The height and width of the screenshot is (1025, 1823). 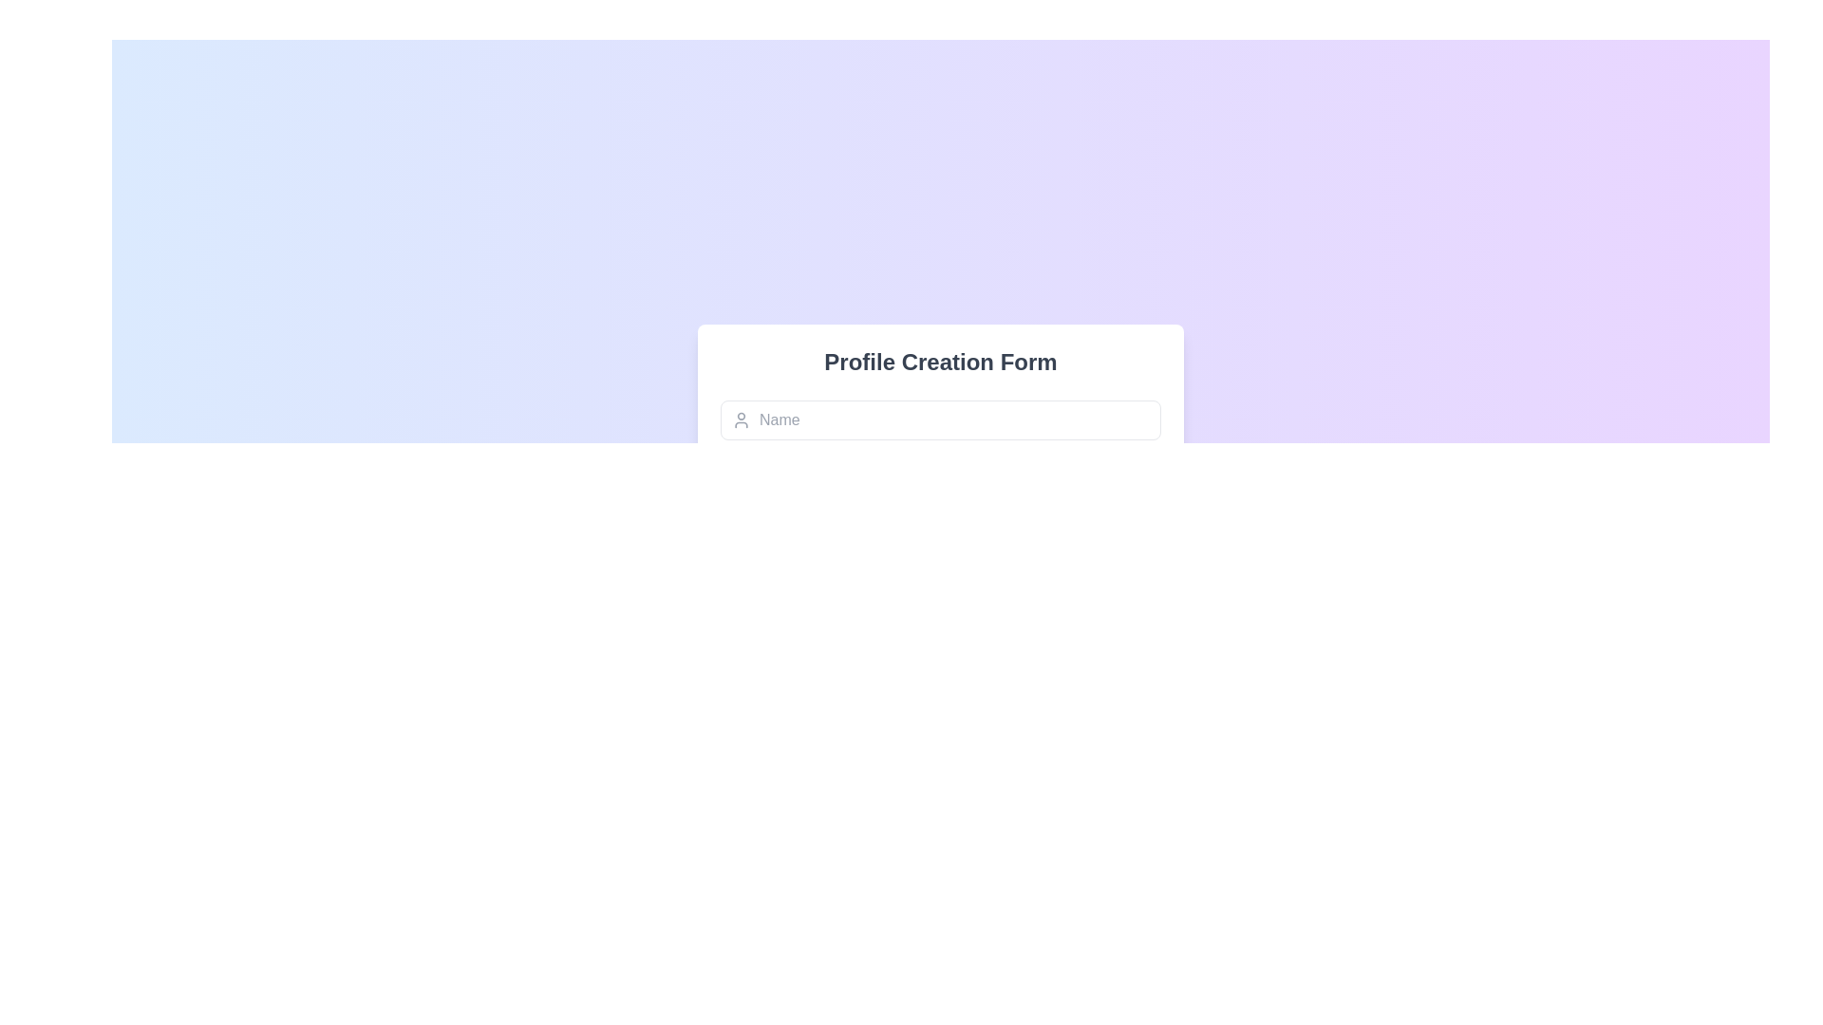 I want to click on text label that serves as a title for the profile creation form, positioned directly above the 'Name' input field, so click(x=940, y=362).